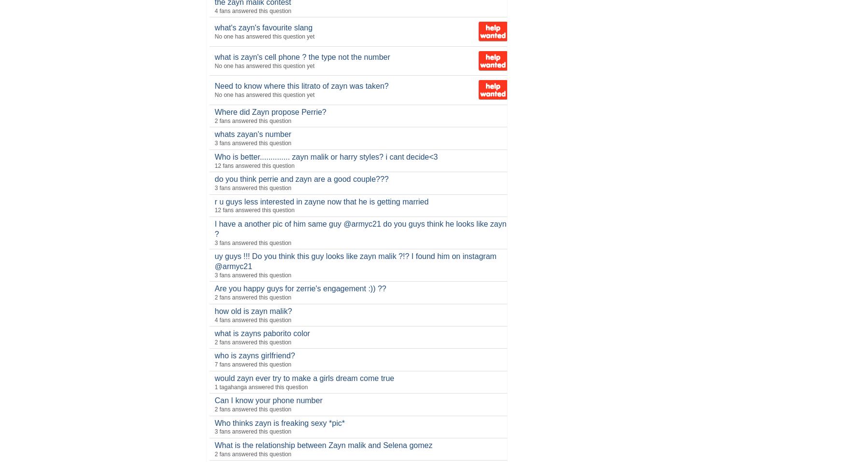 Image resolution: width=868 pixels, height=462 pixels. I want to click on 'what's zayn's favourite slang', so click(263, 27).